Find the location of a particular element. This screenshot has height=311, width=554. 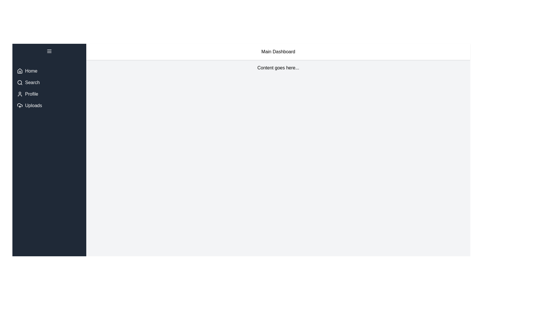

the styling of the search icon located in the vertical navigation menu to the left of the 'Search' label is located at coordinates (20, 82).